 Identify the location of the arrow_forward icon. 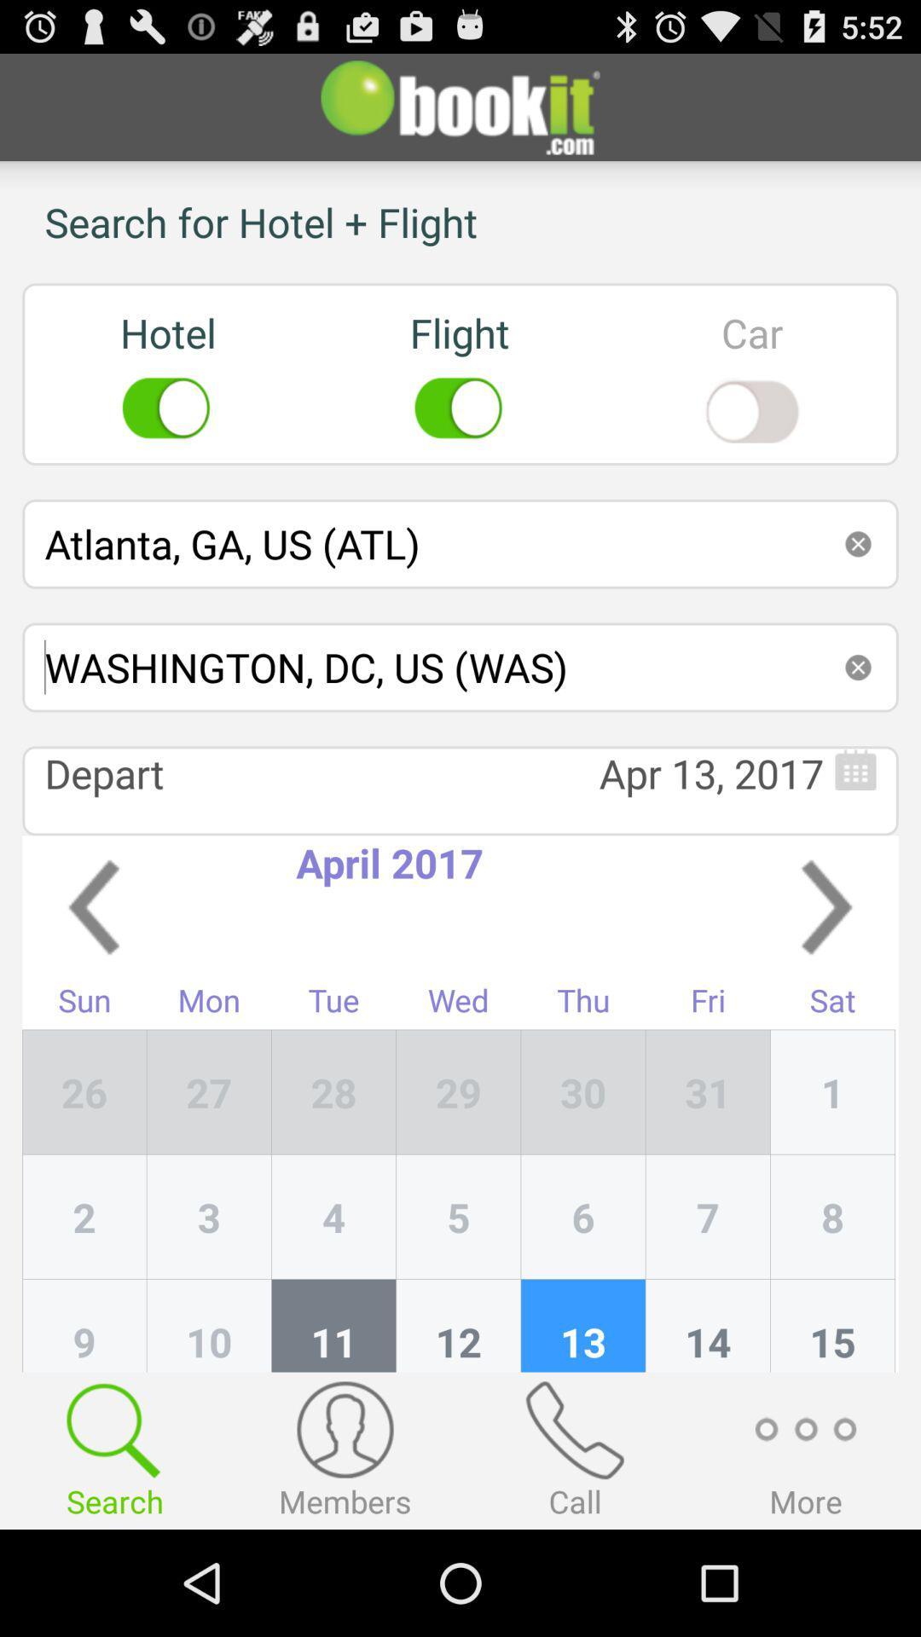
(825, 970).